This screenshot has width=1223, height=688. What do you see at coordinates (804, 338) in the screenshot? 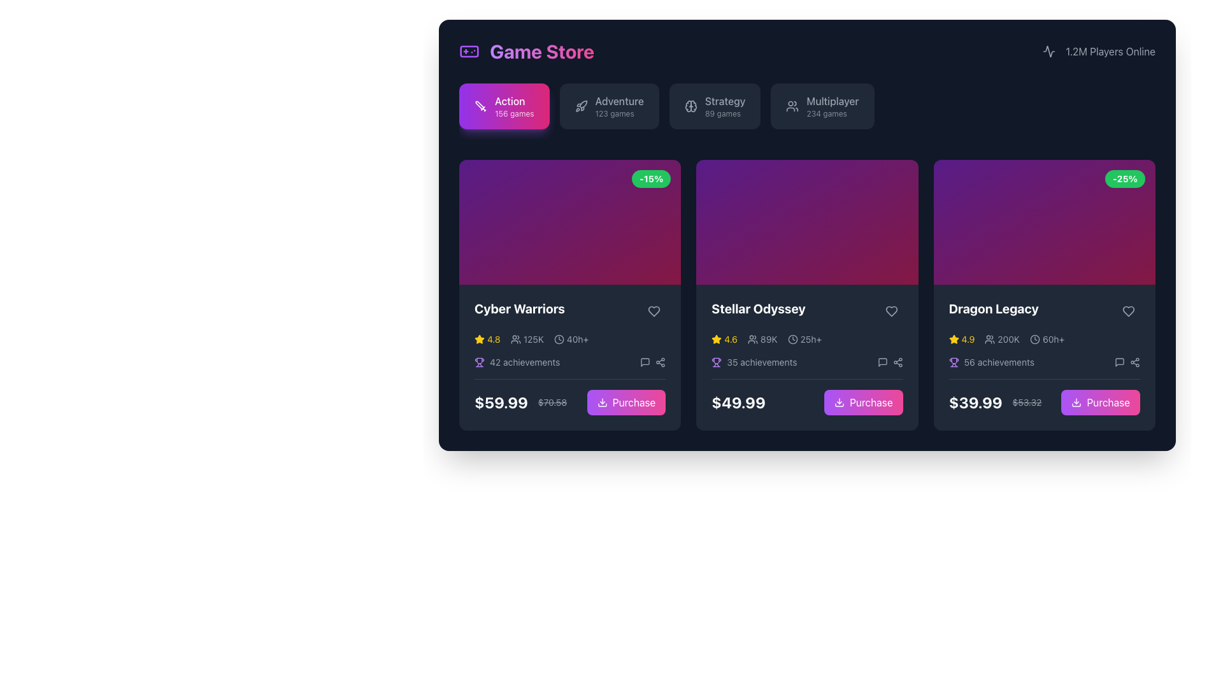
I see `the clock icon and text label displaying '25h+' in the Stellar Odyssey card in the Action category of the Game Store interface` at bounding box center [804, 338].